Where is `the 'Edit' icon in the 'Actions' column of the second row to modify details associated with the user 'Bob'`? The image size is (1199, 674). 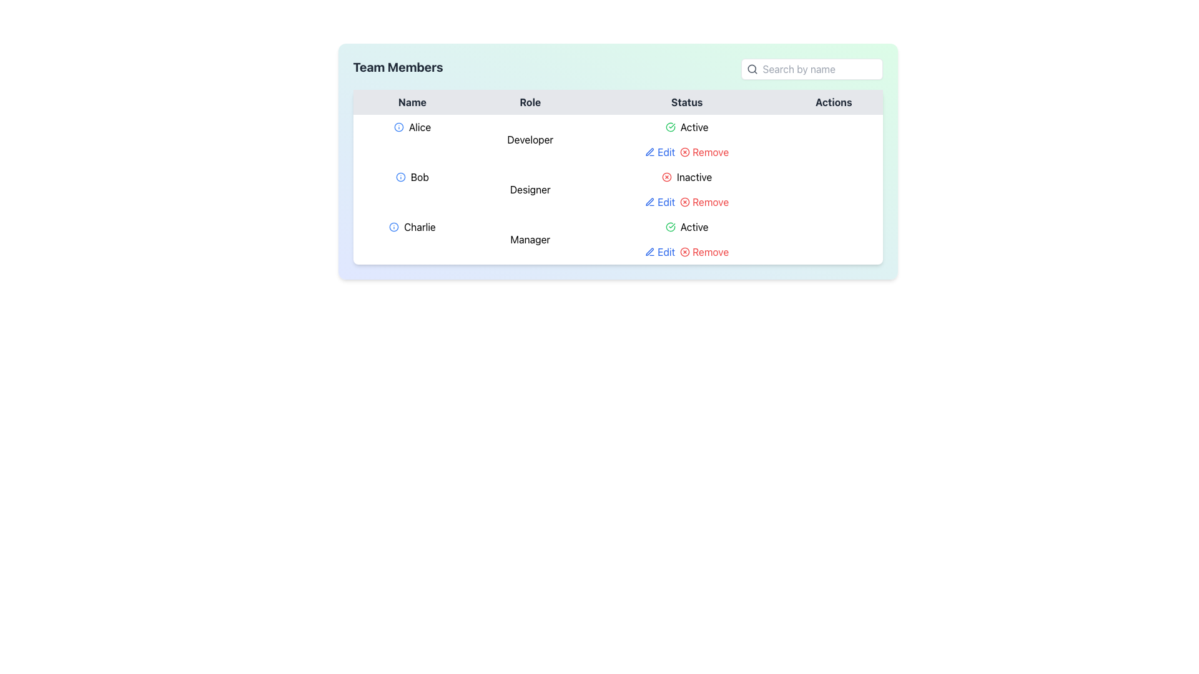
the 'Edit' icon in the 'Actions' column of the second row to modify details associated with the user 'Bob' is located at coordinates (649, 202).